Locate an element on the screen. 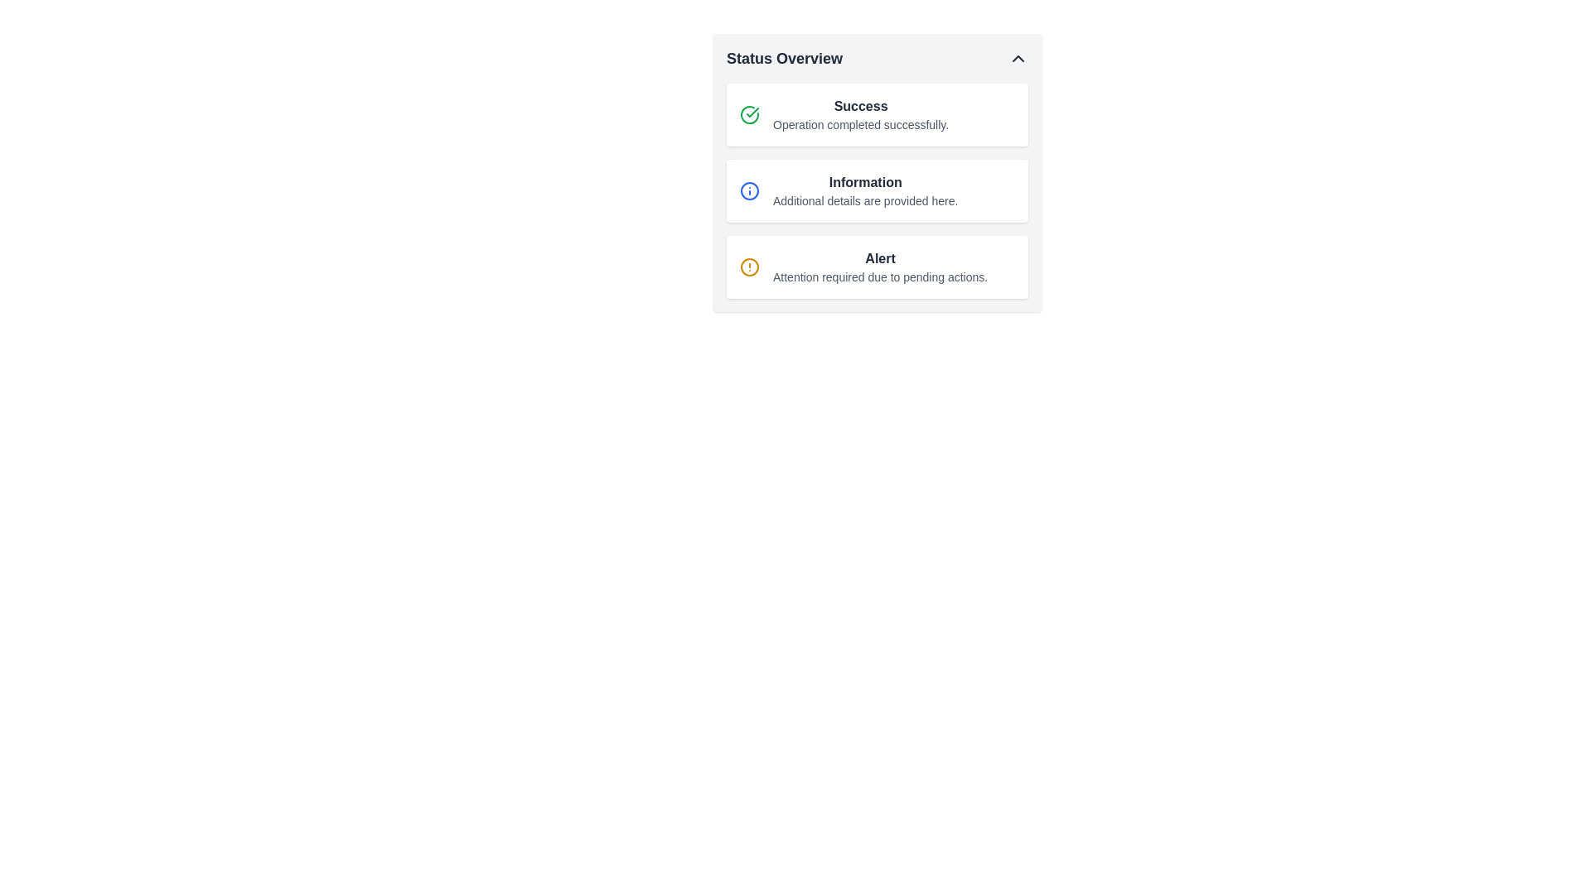 Image resolution: width=1591 pixels, height=894 pixels. the success operation icon located to the left of the text 'Success Operation completed successfully.' in the top-left of the status overview panel is located at coordinates (749, 113).